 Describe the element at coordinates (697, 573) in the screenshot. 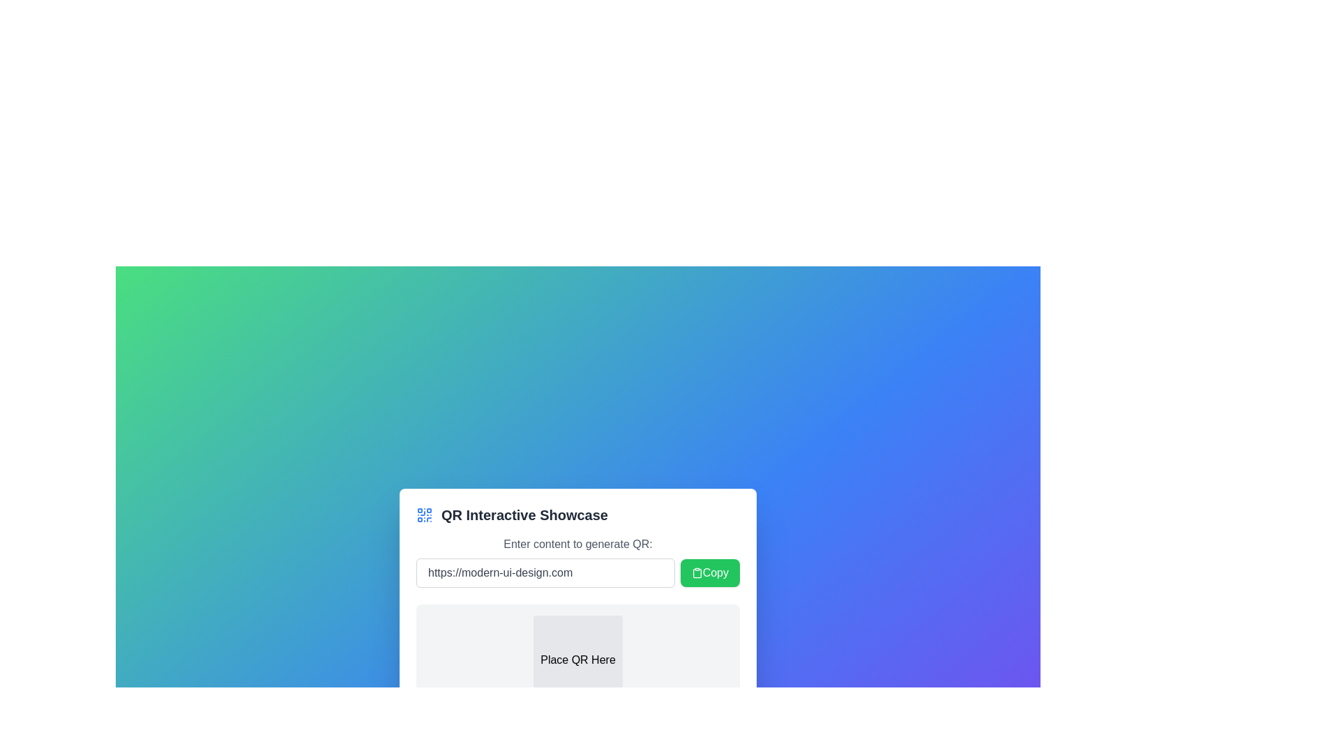

I see `the larger part of the clipboard icon, which is the rectangular clipboard body in the SVG-based clipboard illustration` at that location.